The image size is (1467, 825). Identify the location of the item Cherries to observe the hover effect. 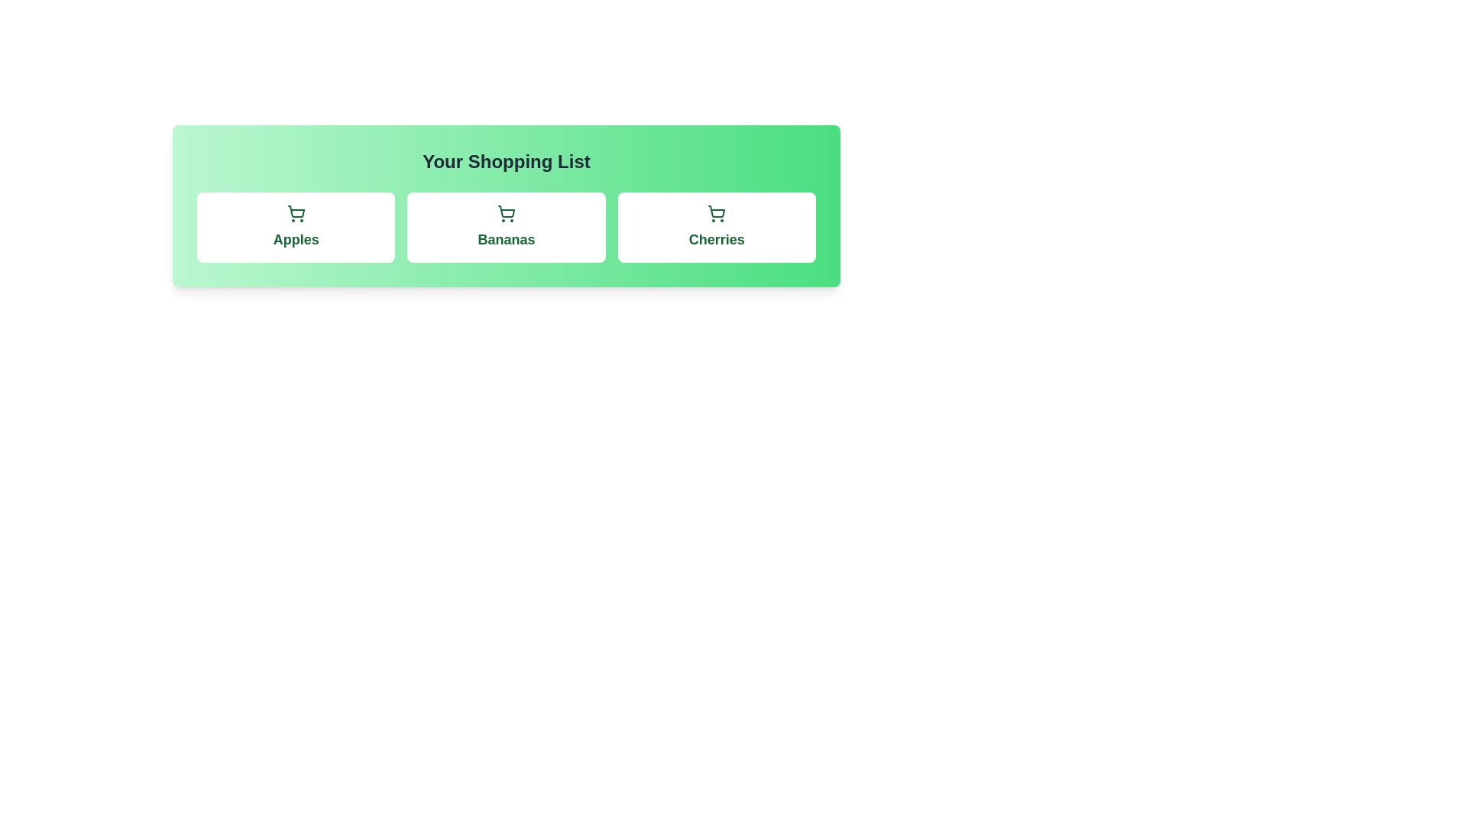
(716, 227).